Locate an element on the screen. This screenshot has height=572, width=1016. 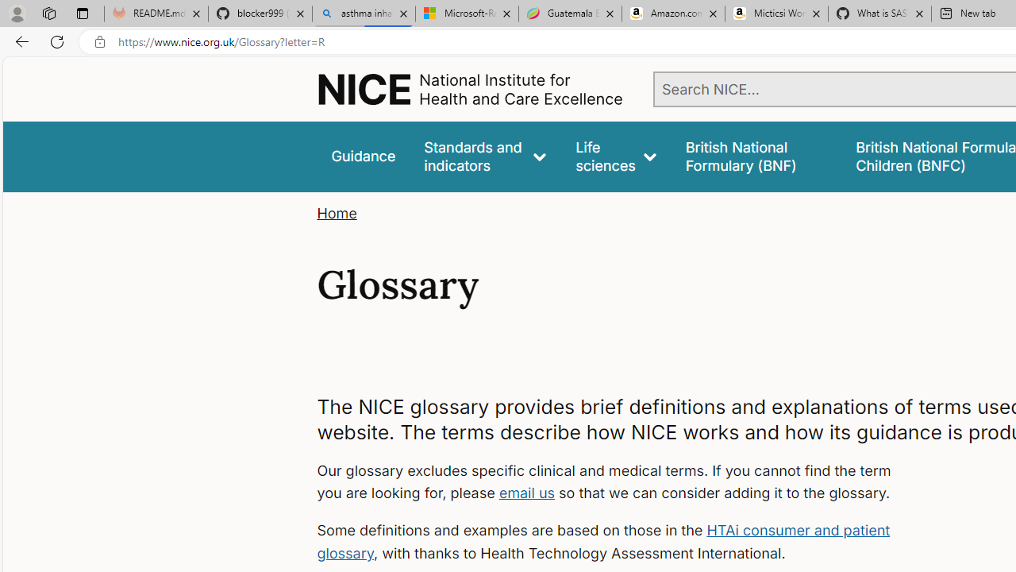
'Tab actions menu' is located at coordinates (82, 13).